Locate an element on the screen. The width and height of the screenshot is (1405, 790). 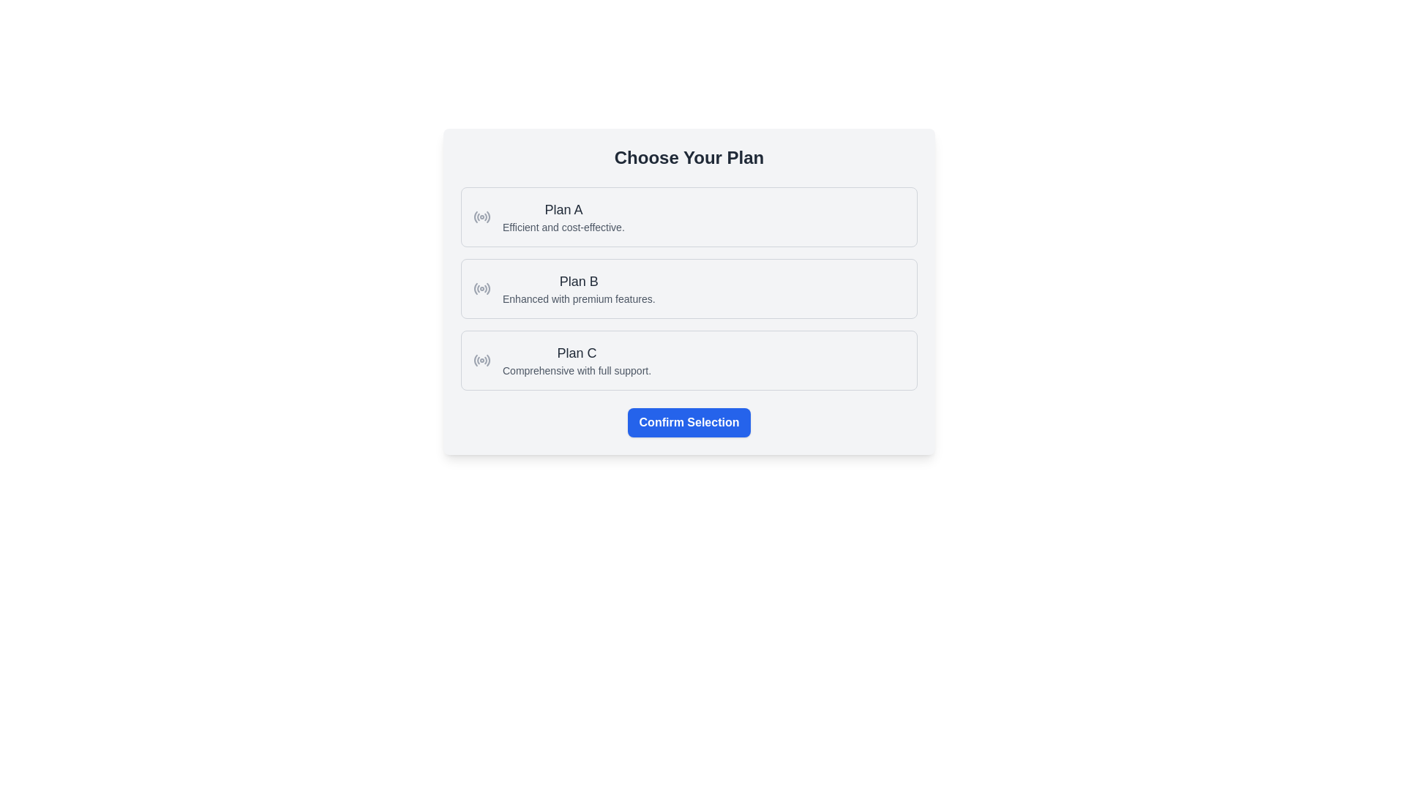
the text label 'Enhanced with premium features.' positioned below the 'Plan B' title is located at coordinates (578, 298).